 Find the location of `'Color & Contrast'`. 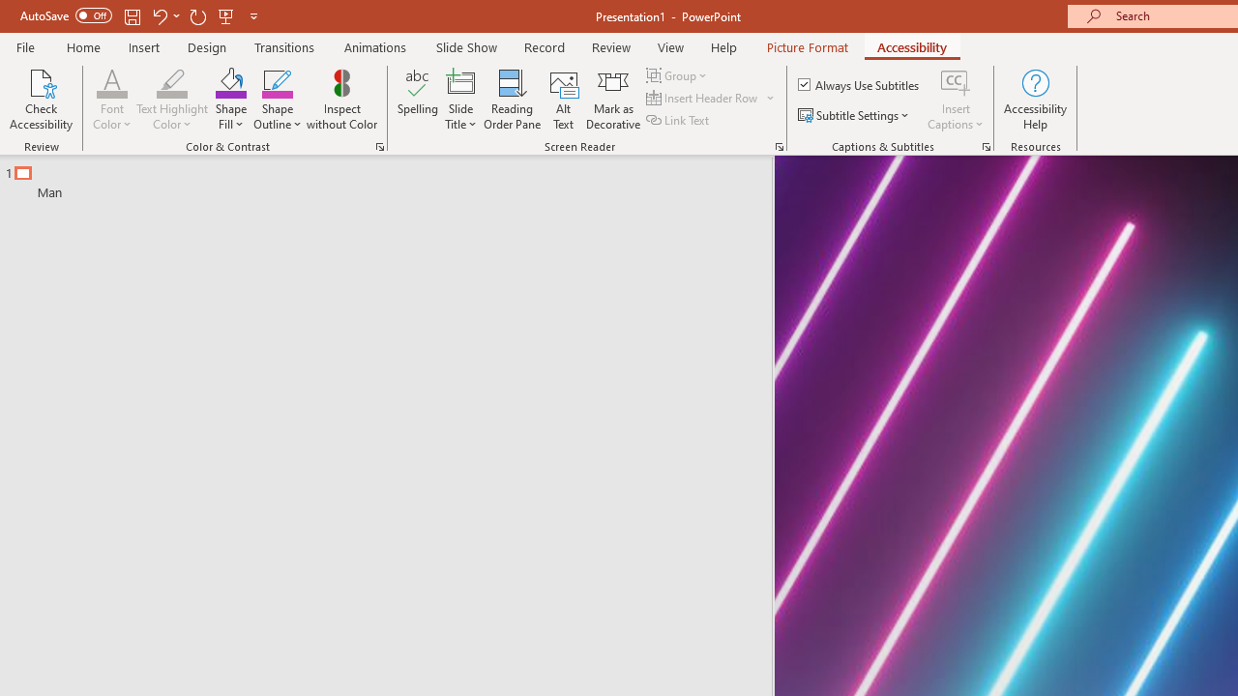

'Color & Contrast' is located at coordinates (379, 145).